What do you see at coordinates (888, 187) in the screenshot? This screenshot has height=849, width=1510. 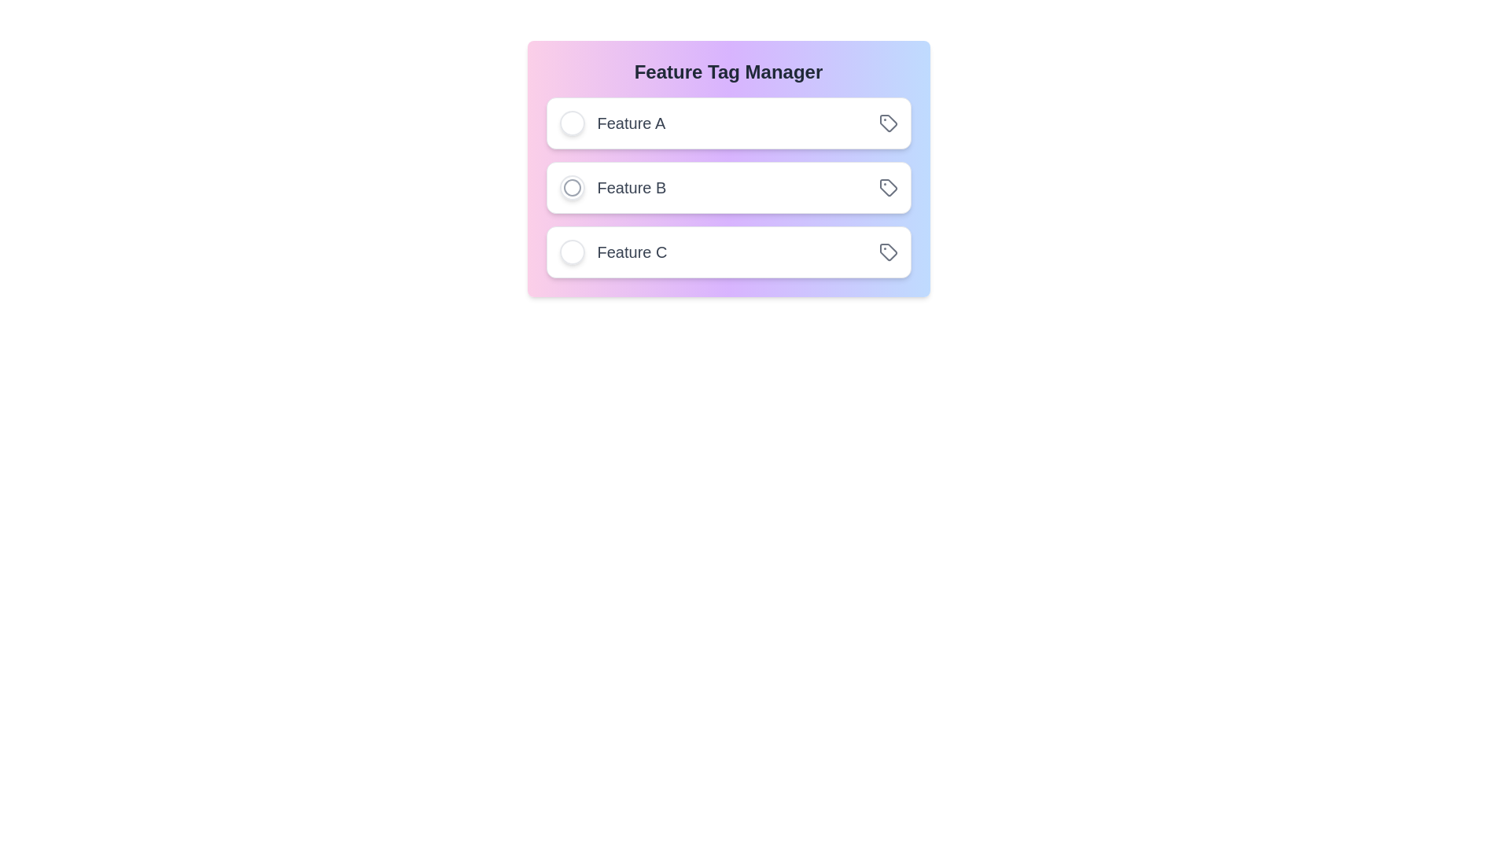 I see `the interactive label tag icon located to the right of 'Feature B' within the 'Feature Tag Manager' section` at bounding box center [888, 187].